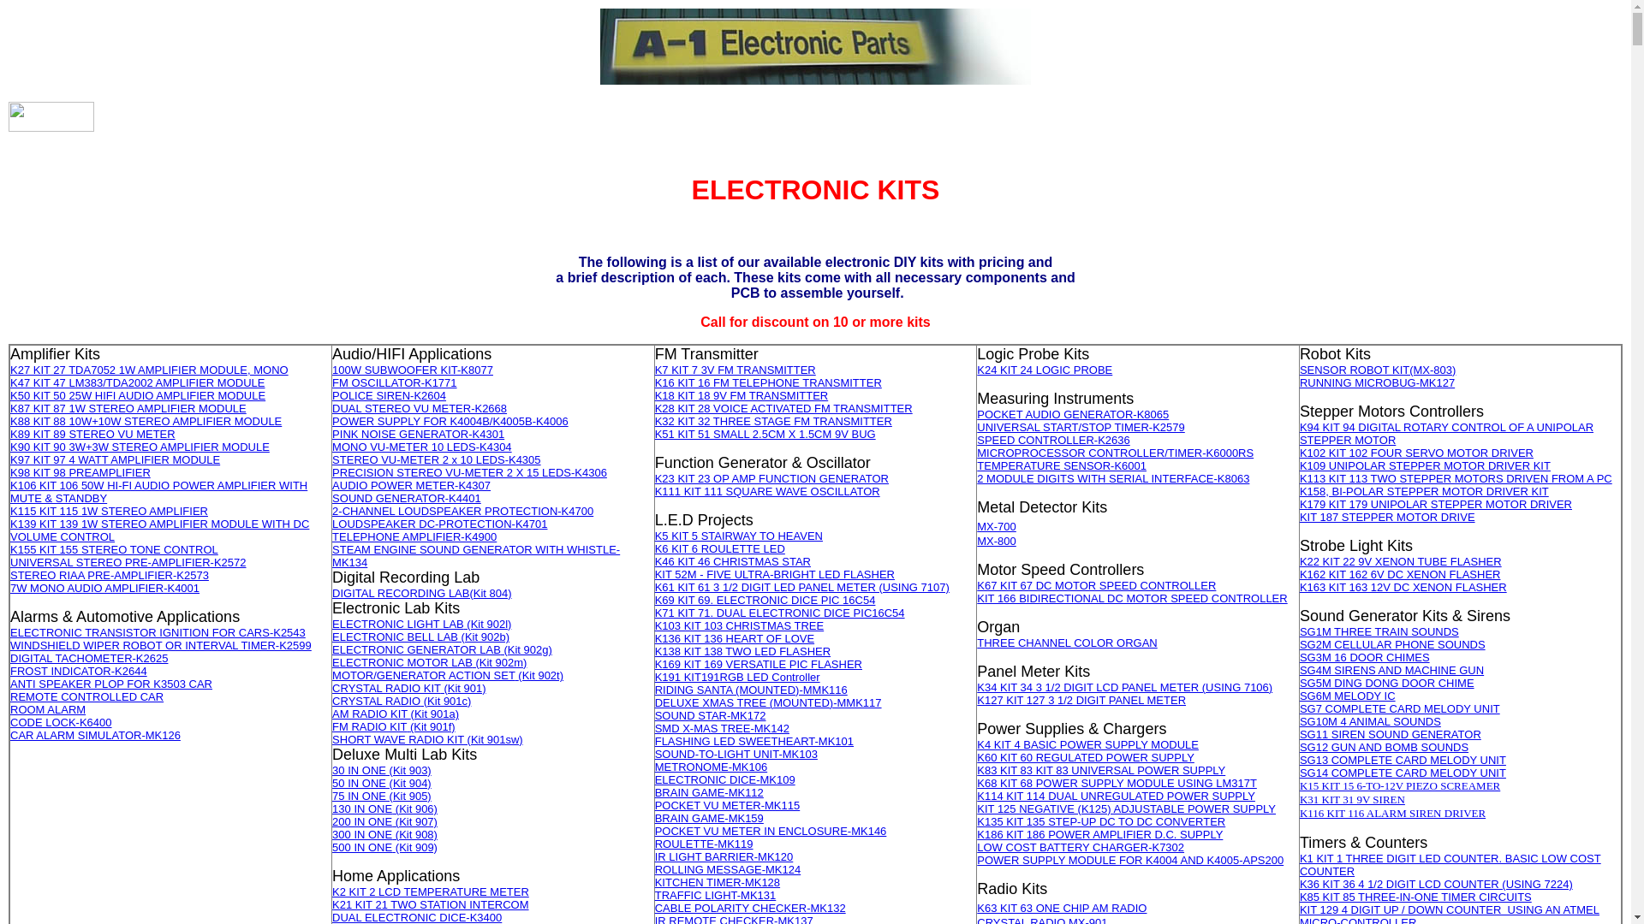 The height and width of the screenshot is (924, 1644). I want to click on 'K69 KIT 69. ELECTRONIC DICE PIC 16C54', so click(764, 599).